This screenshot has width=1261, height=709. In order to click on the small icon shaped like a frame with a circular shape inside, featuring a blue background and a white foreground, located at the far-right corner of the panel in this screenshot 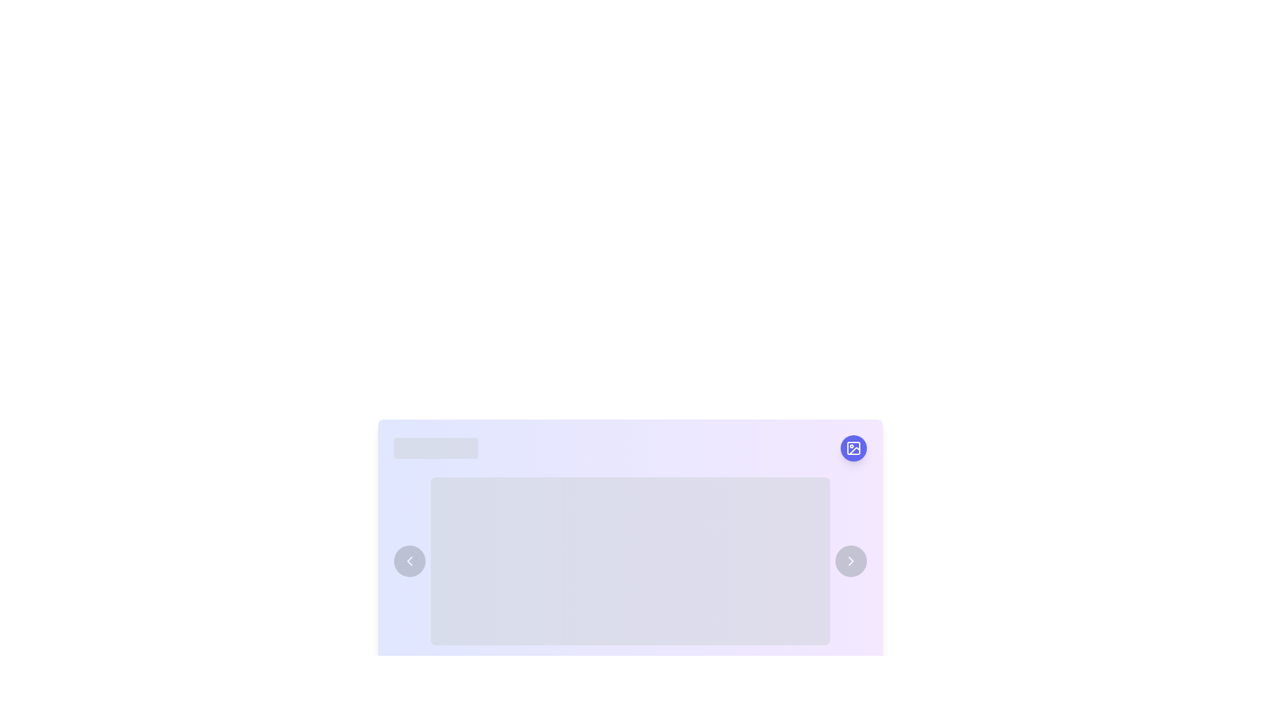, I will do `click(853, 447)`.